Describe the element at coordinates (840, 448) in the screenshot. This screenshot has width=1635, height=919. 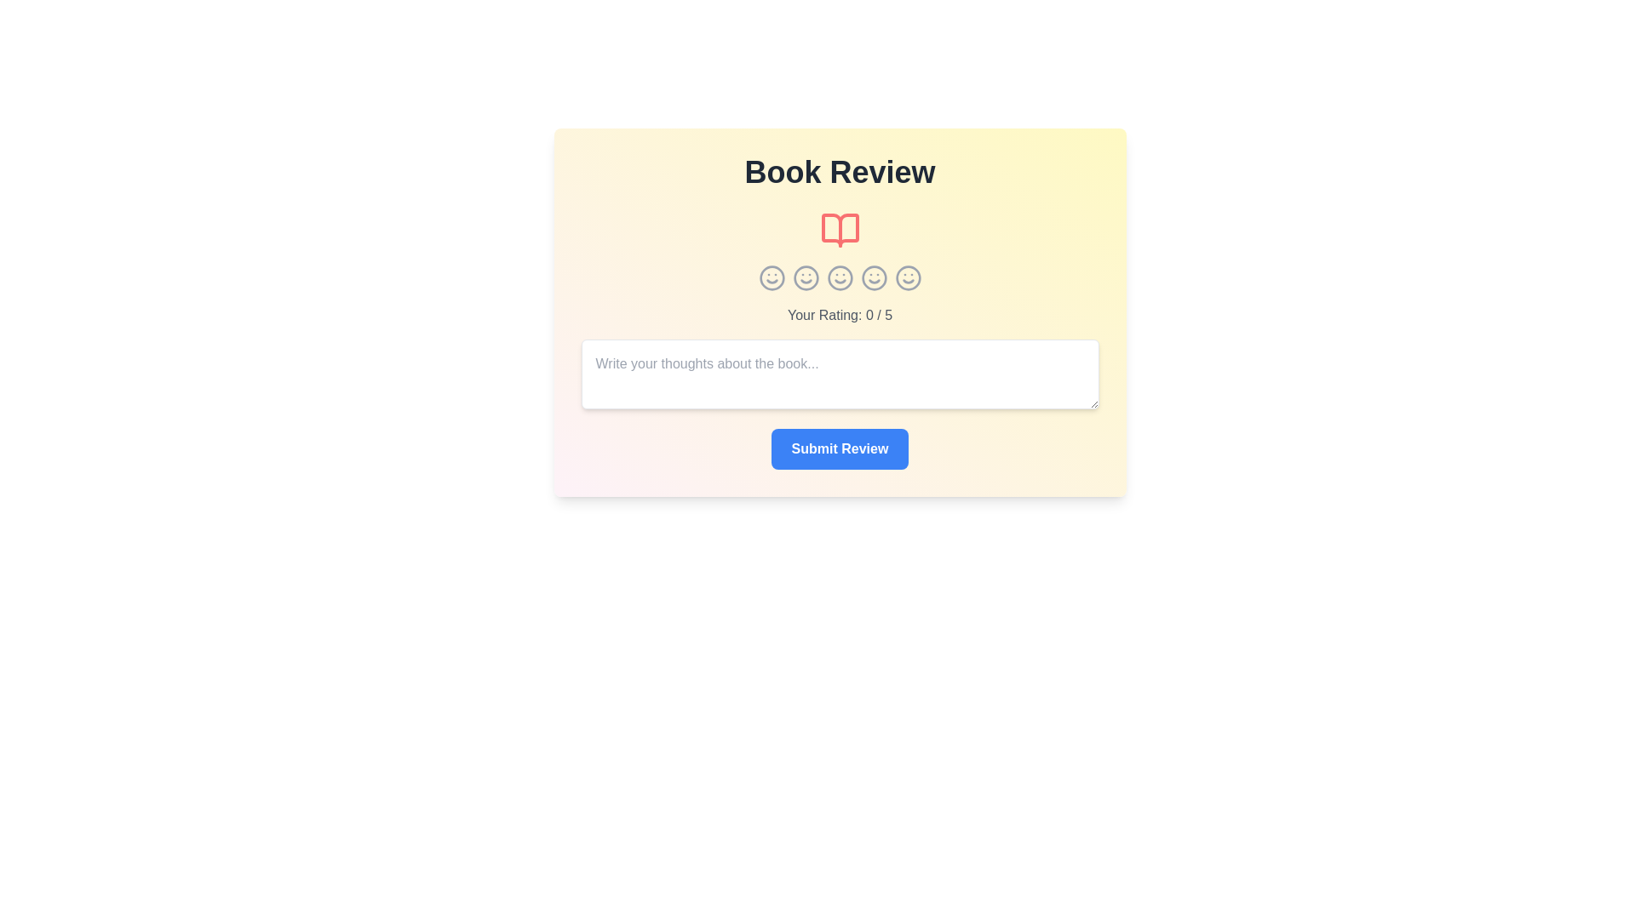
I see `the 'Submit Review' button to submit the review` at that location.